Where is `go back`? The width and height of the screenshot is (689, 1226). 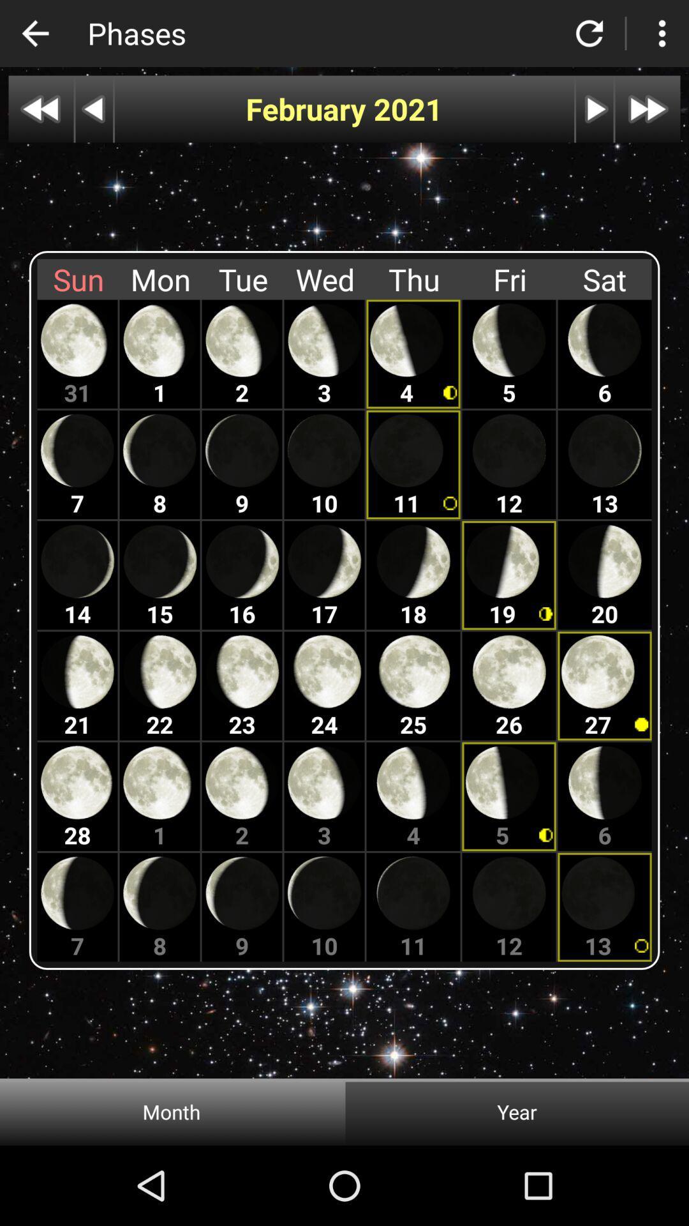 go back is located at coordinates (589, 33).